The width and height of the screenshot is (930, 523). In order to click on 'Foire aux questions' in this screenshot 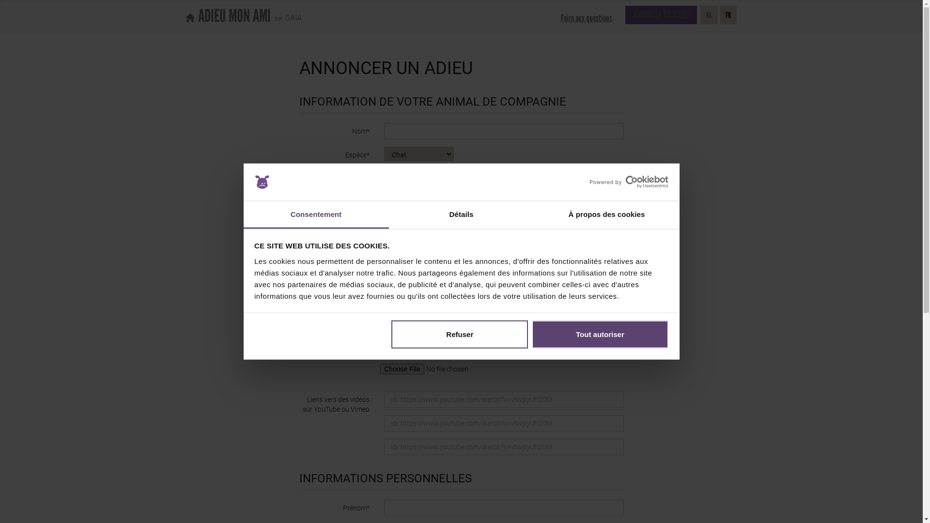, I will do `click(585, 18)`.